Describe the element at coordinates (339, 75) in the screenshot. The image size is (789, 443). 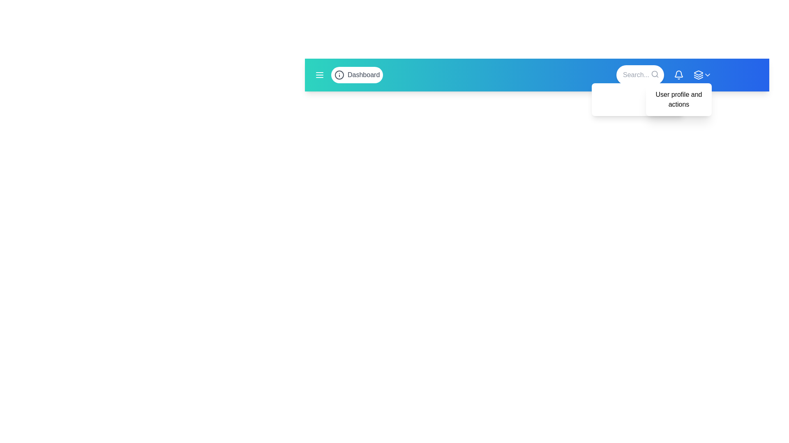
I see `the circular gray icon located to the left of the 'Dashboard' text in the header bar` at that location.